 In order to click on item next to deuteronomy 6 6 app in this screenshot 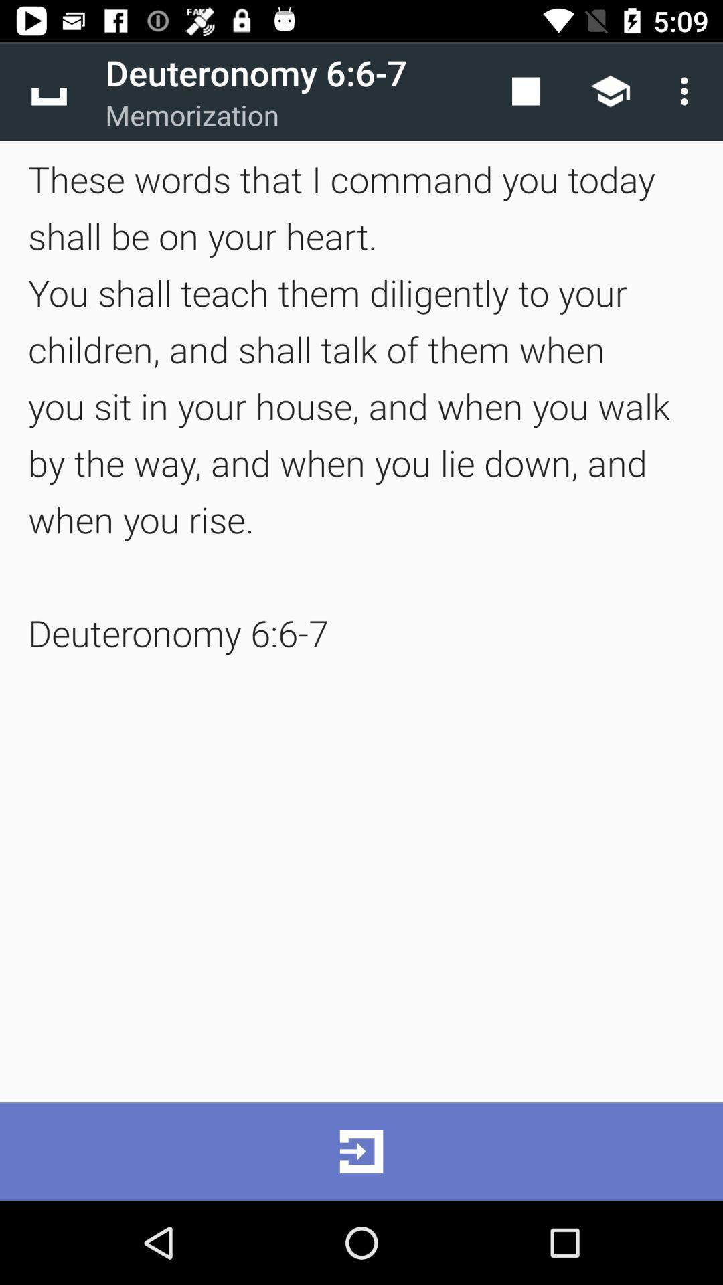, I will do `click(526, 90)`.